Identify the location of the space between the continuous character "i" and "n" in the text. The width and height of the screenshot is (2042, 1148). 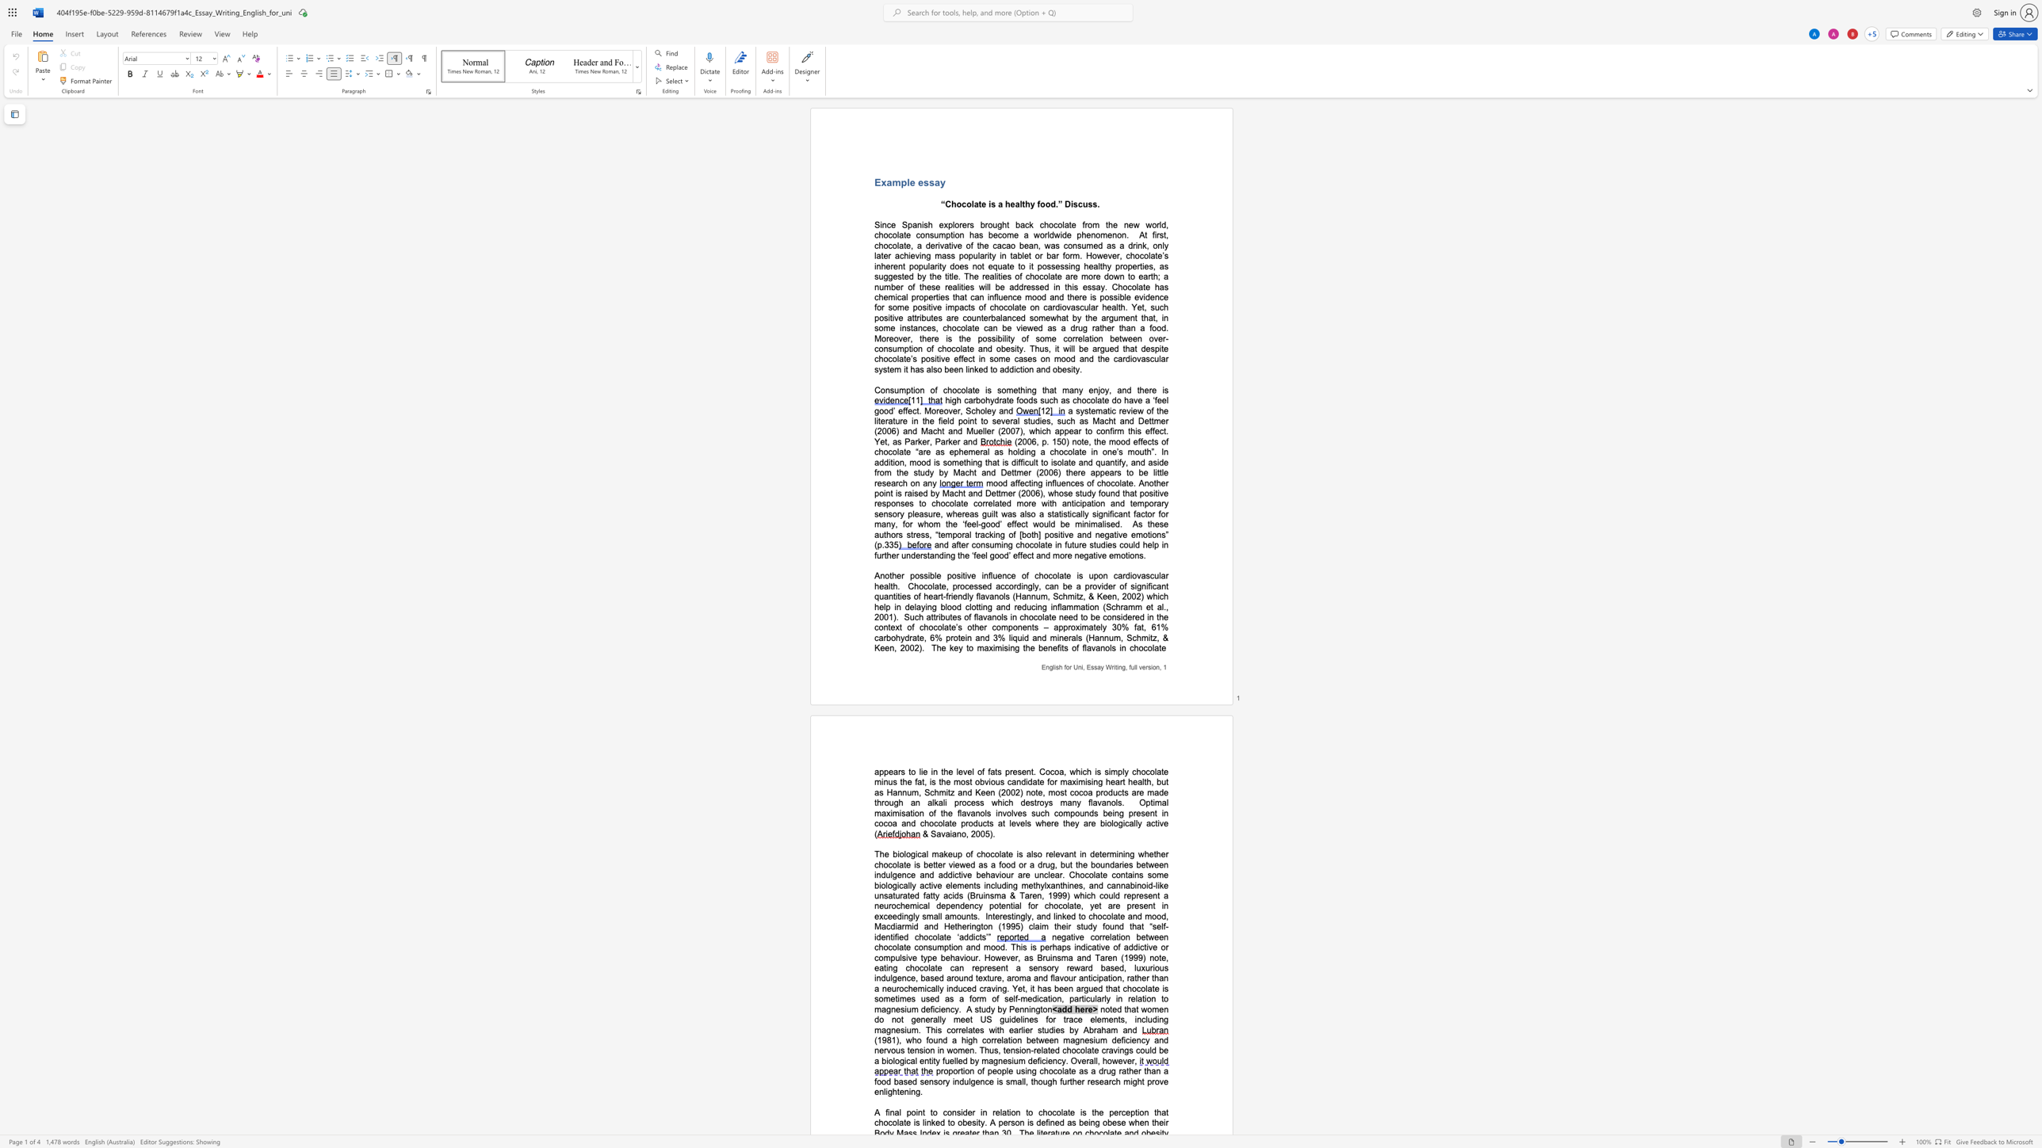
(1027, 390).